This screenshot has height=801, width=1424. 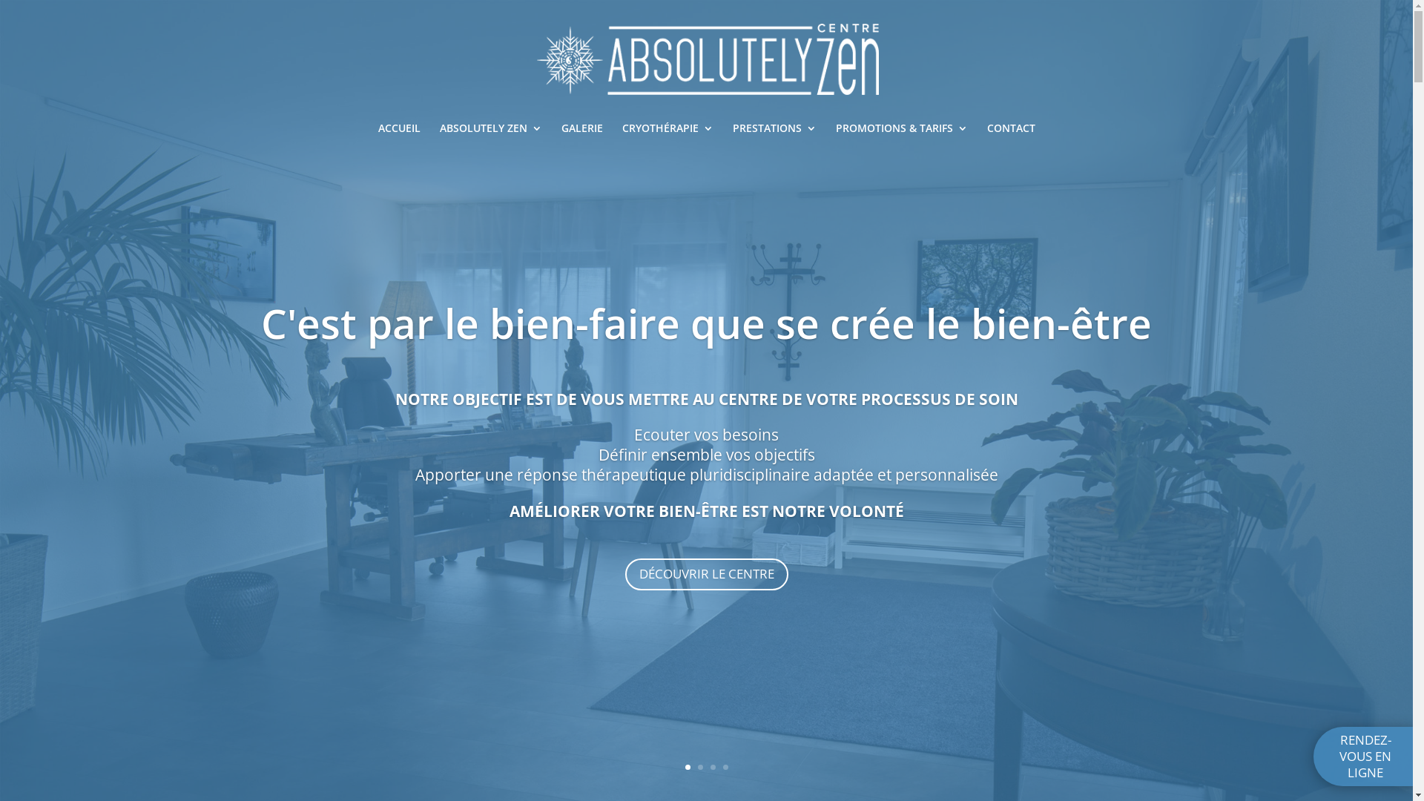 What do you see at coordinates (1009, 133) in the screenshot?
I see `'CONTACT'` at bounding box center [1009, 133].